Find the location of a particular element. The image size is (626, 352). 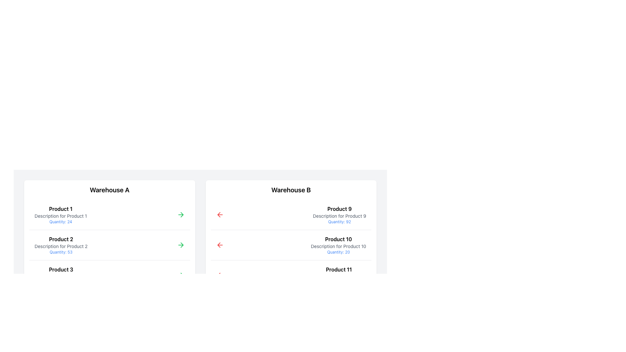

the static Text element providing additional information about 'Product 10', located below the main title and above the quantity text is located at coordinates (338, 246).